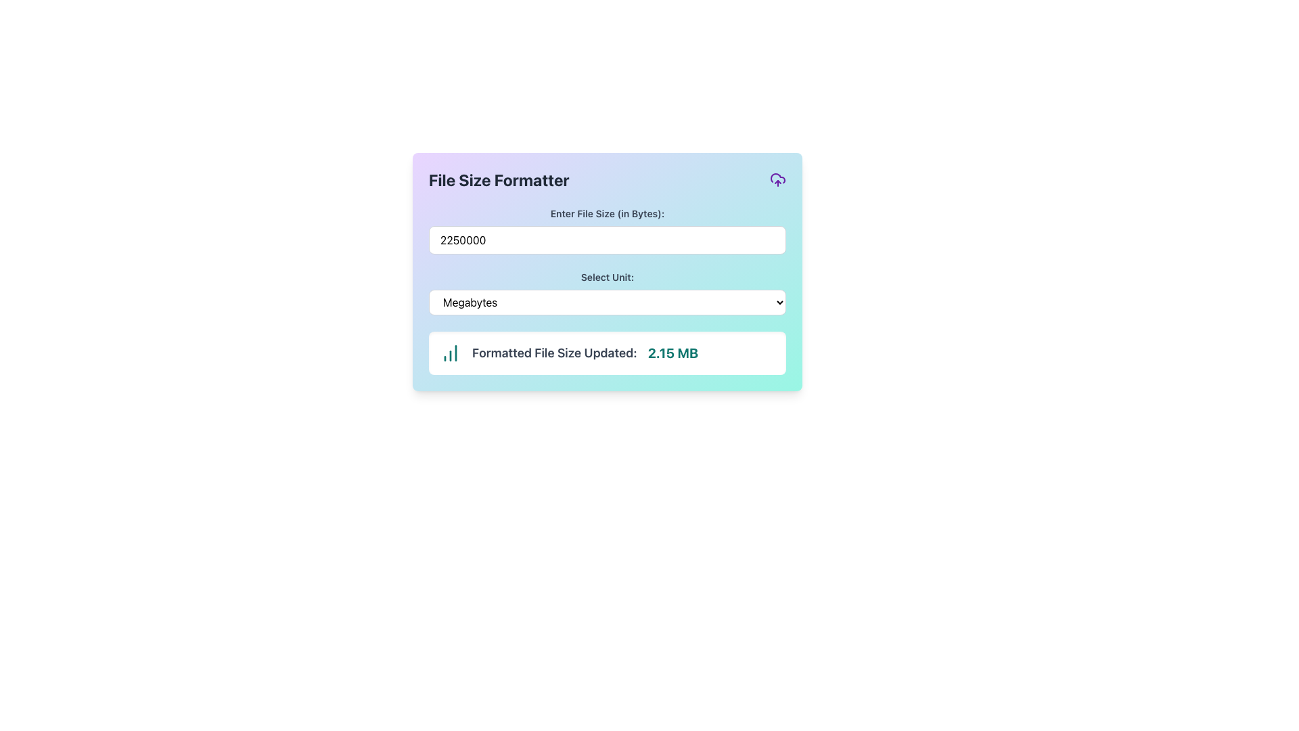  Describe the element at coordinates (673, 352) in the screenshot. I see `the text label displaying '2.15 MB' in teal color, located next to 'Formatted File Size Updated:', to read the textual value` at that location.